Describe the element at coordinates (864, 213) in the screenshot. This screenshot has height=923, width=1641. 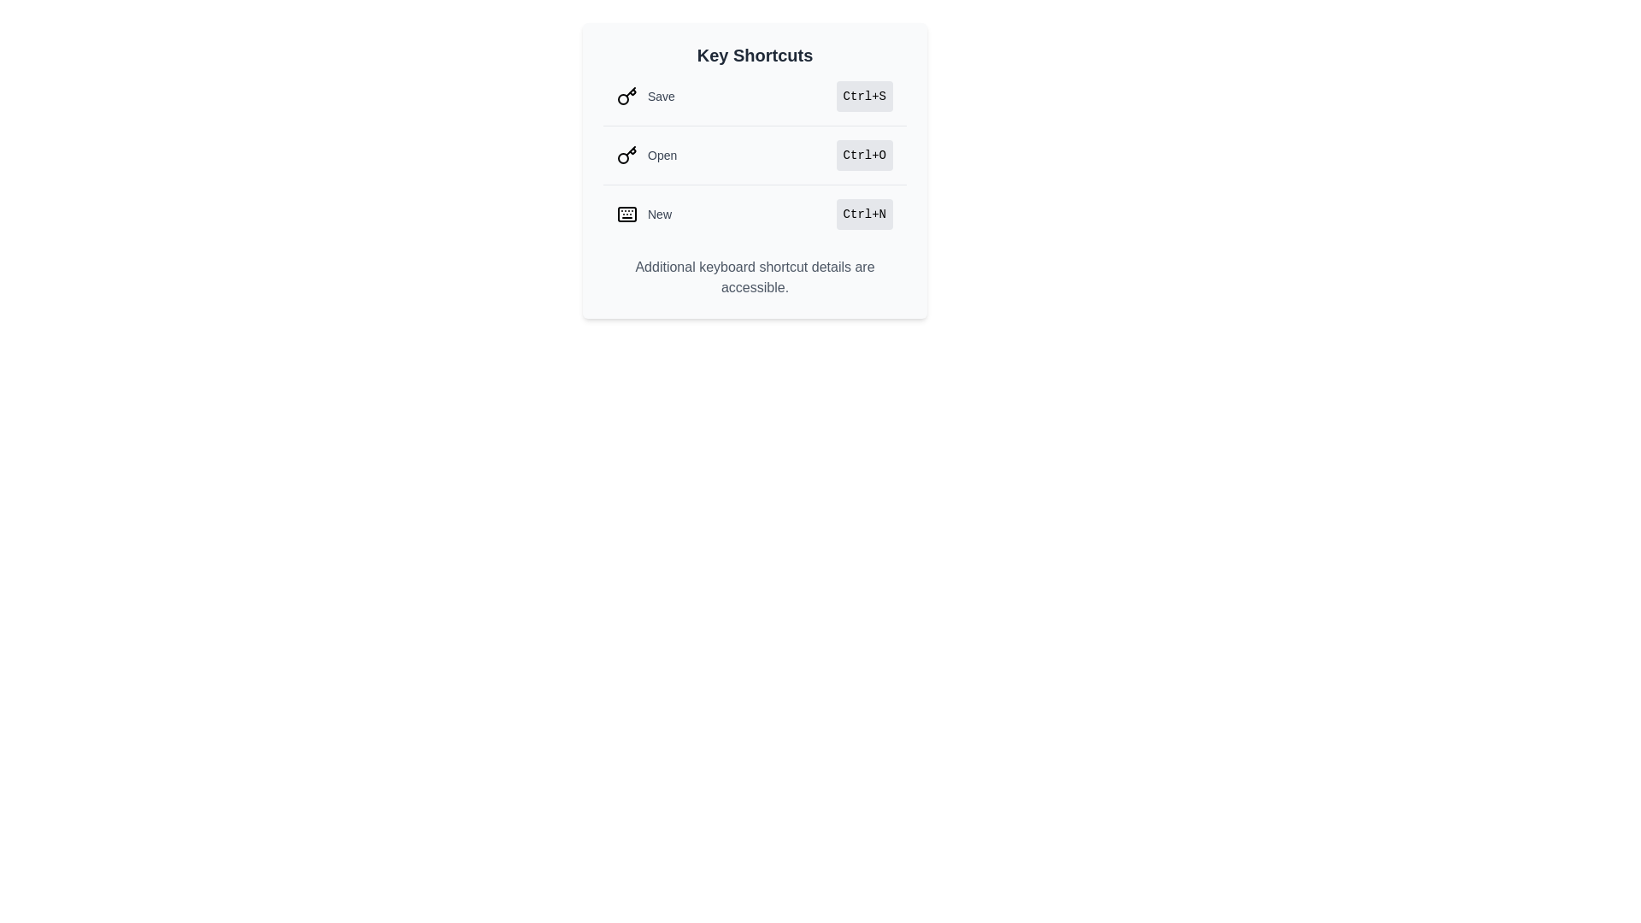
I see `the rightmost label indicating the keyboard shortcut 'Ctrl+N' for creating a new document or file, located in the bottom row of a vertically aligned list of shortcut indicators` at that location.